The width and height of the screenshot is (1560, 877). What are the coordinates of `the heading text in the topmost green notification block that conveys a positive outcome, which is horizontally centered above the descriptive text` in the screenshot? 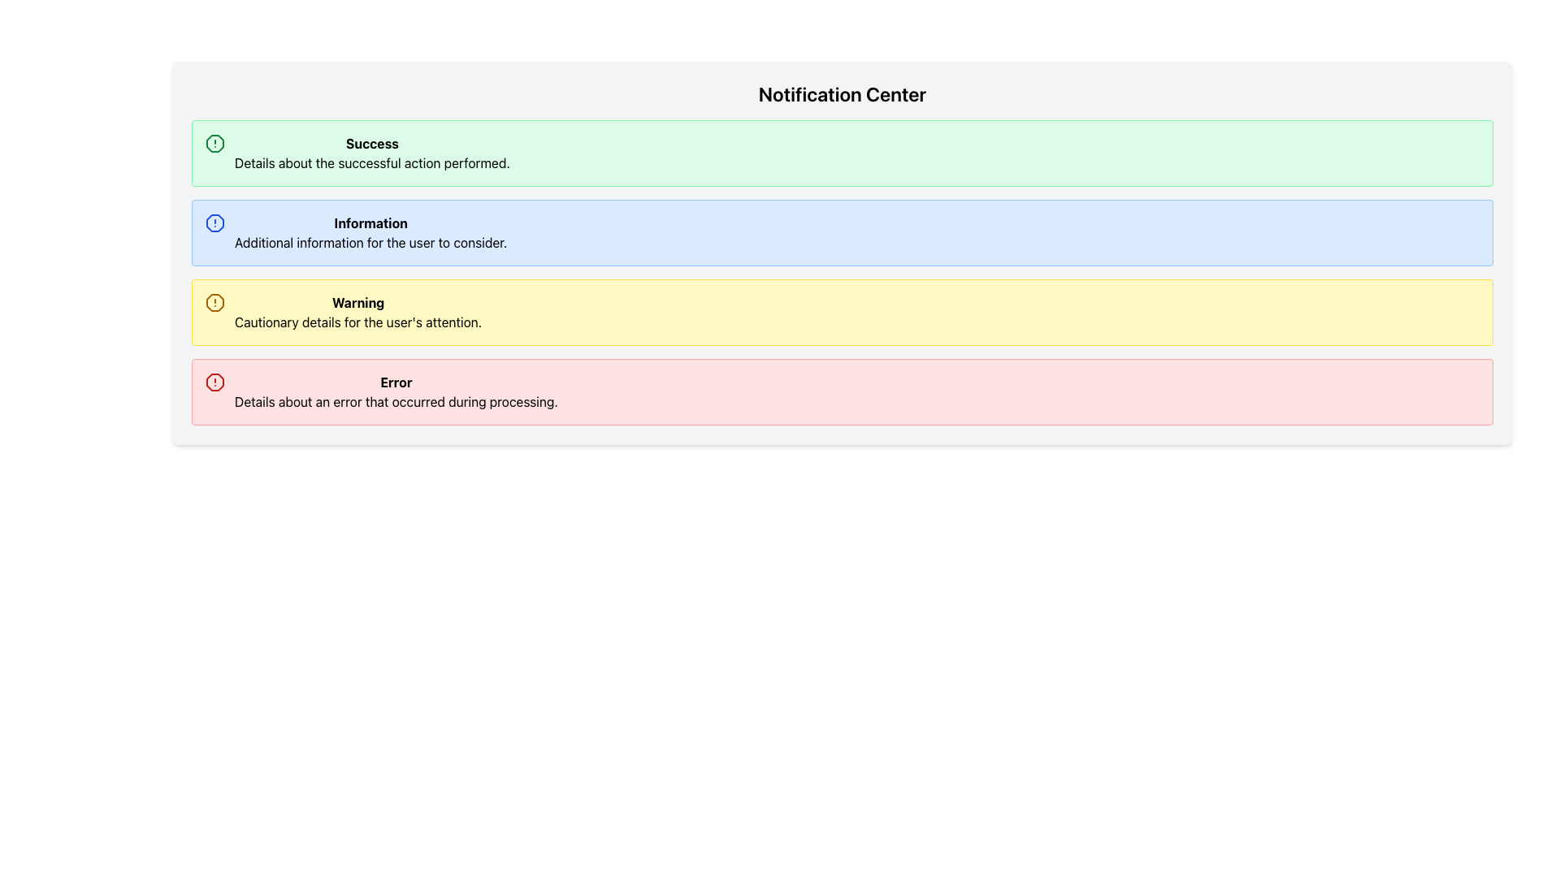 It's located at (371, 143).